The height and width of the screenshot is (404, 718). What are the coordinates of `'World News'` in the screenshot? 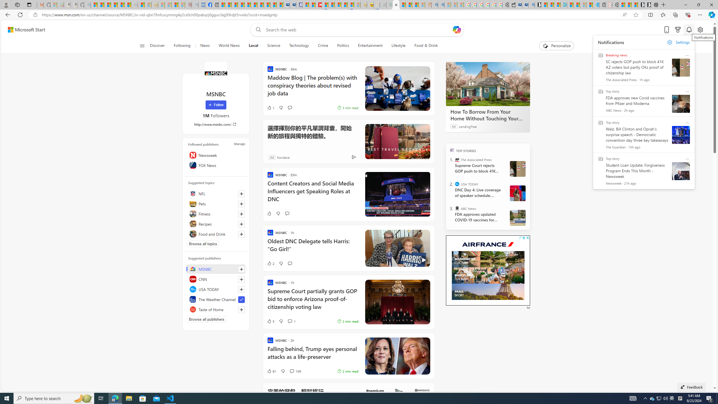 It's located at (229, 45).